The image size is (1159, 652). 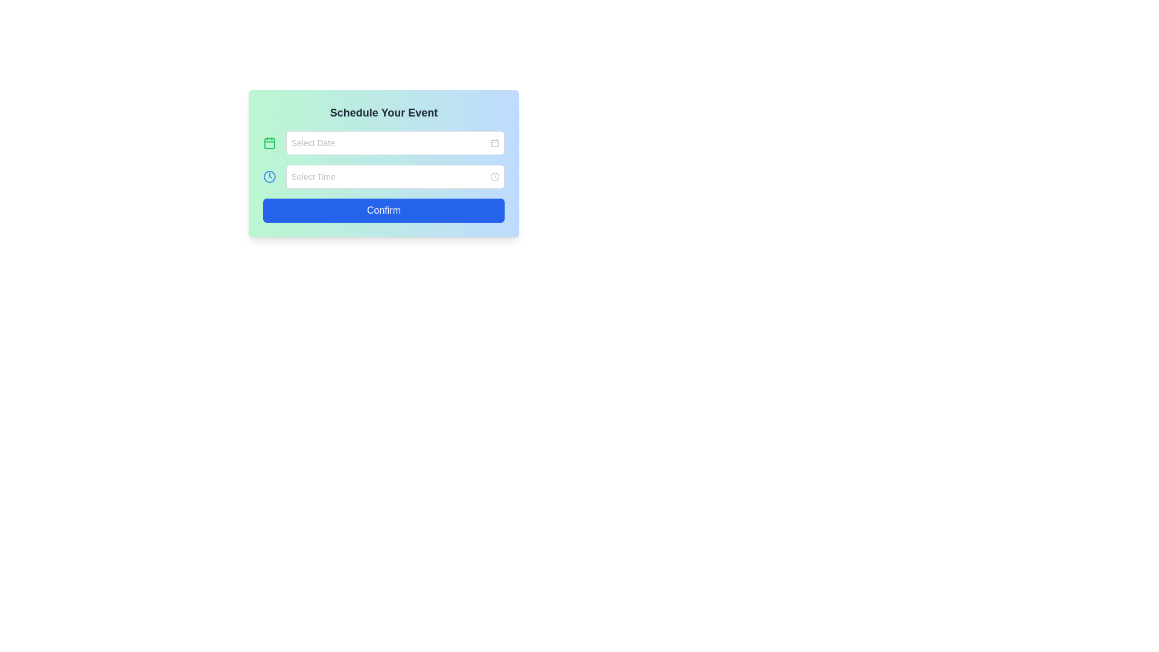 What do you see at coordinates (495, 177) in the screenshot?
I see `the small clock icon located to the left of the 'Select Time' text input field, which is styled with a minimalist design` at bounding box center [495, 177].